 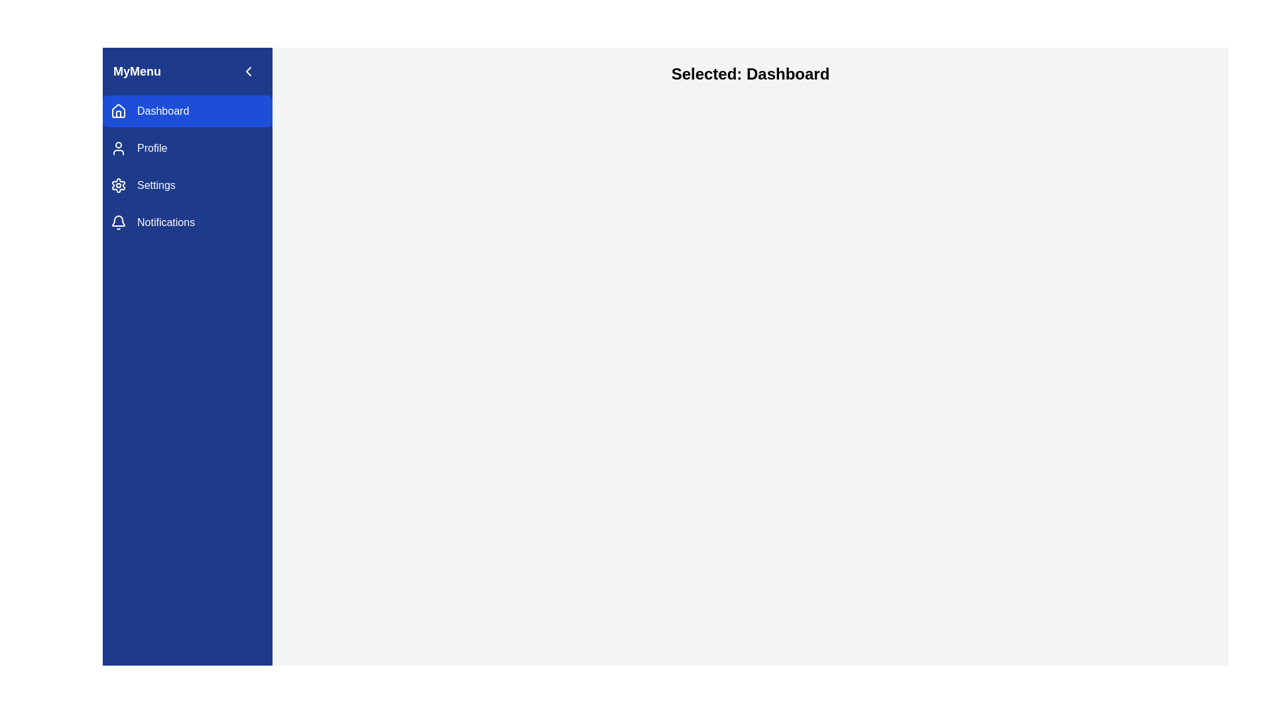 I want to click on the person icon located to the left of the 'Profile' text in the vertical menu on the left panel of the interface, so click(x=118, y=148).